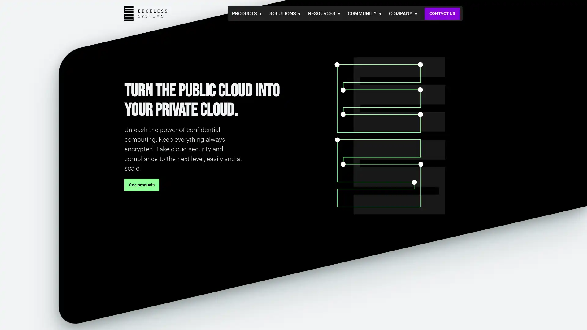  Describe the element at coordinates (403, 13) in the screenshot. I see `COMPANY` at that location.